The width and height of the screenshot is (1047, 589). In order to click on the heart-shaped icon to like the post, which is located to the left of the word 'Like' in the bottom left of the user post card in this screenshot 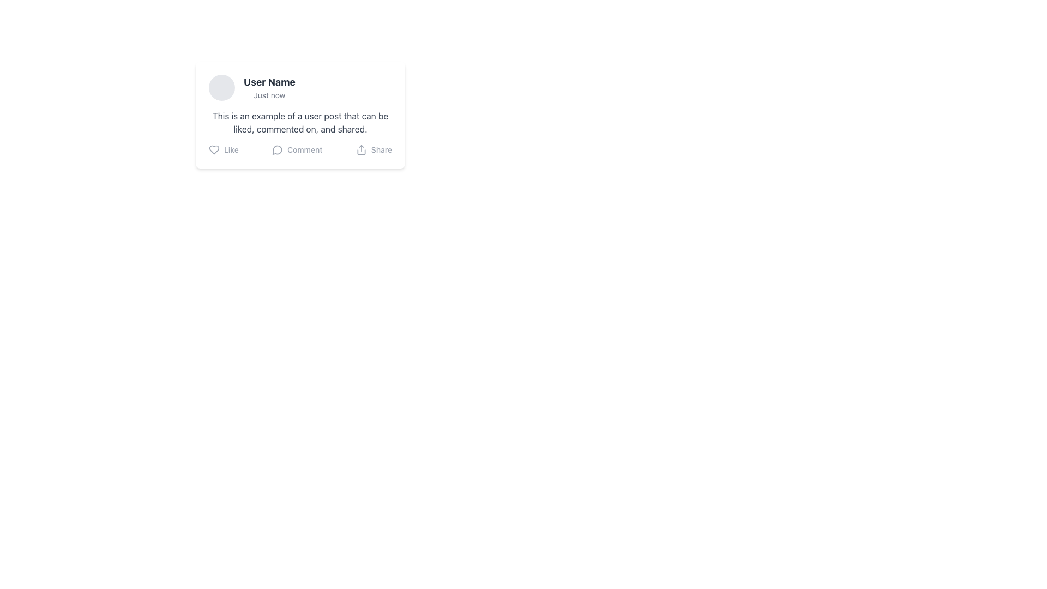, I will do `click(214, 149)`.